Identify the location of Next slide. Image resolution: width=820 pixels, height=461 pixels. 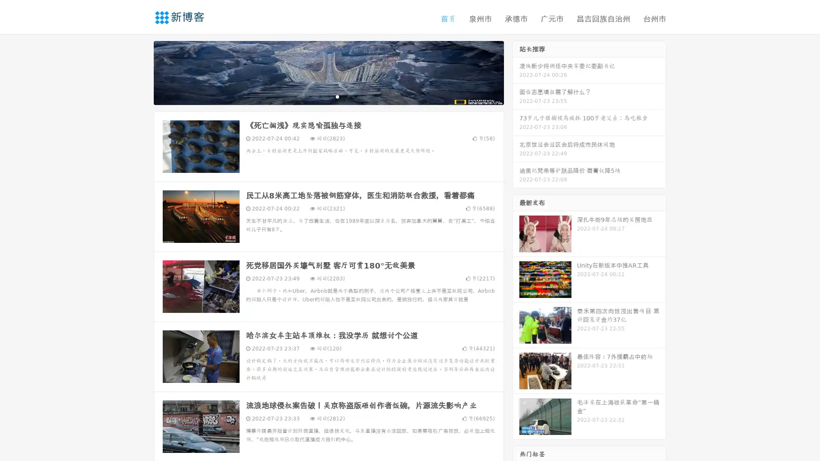
(516, 72).